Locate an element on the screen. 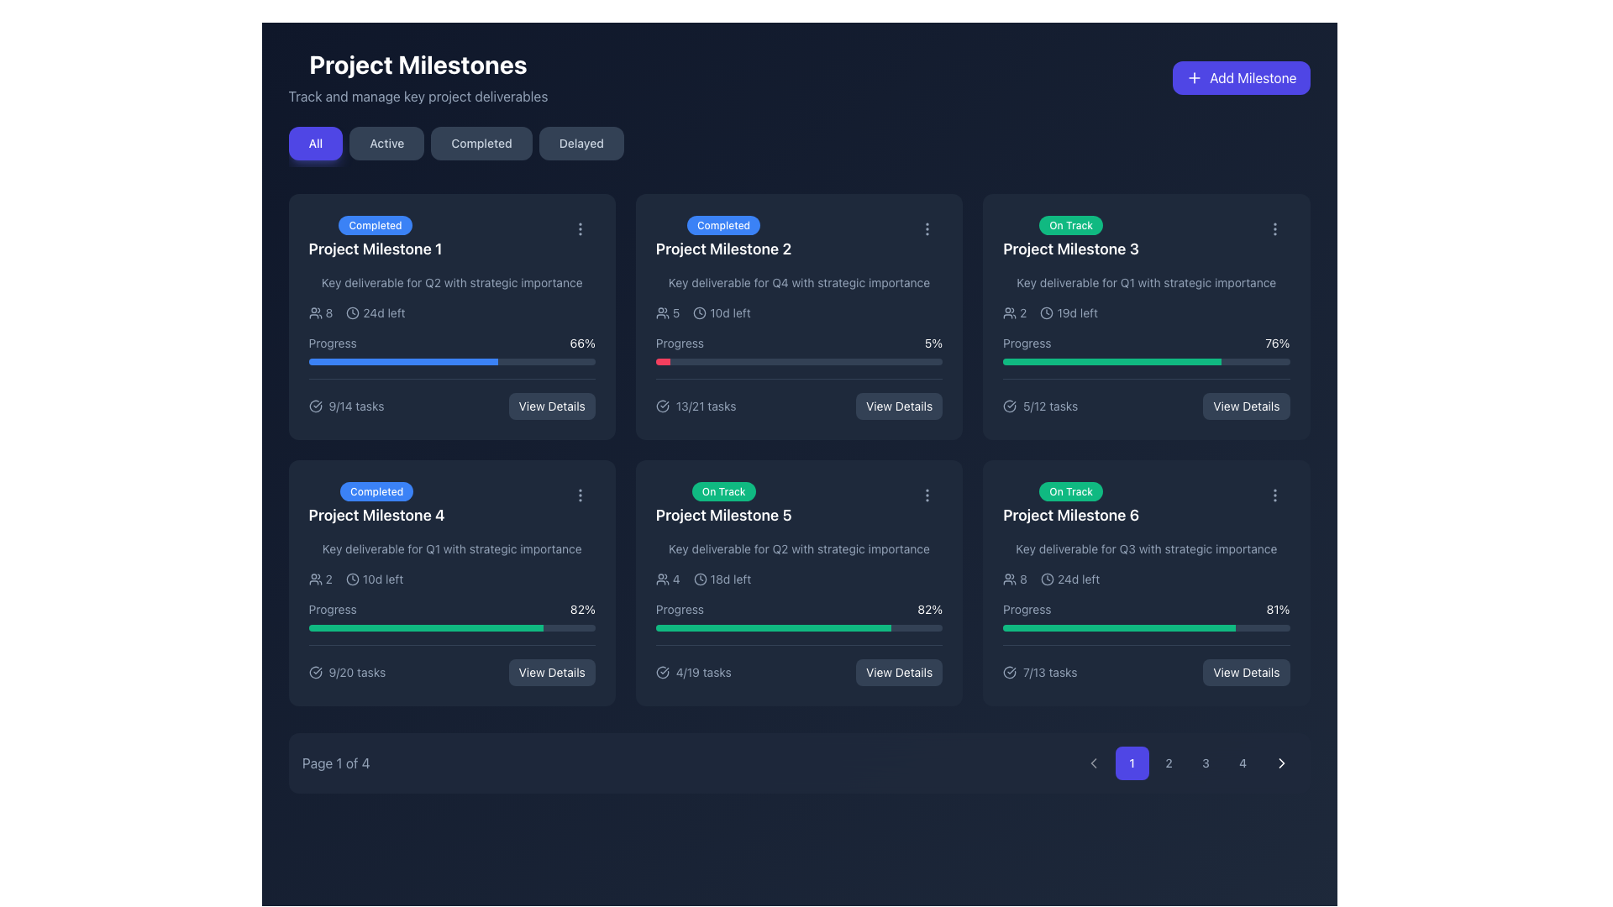  the progress percentage text label located on the right-hand side of the 'Progress' section in the 'Project Milestone 2' card is located at coordinates (933, 342).